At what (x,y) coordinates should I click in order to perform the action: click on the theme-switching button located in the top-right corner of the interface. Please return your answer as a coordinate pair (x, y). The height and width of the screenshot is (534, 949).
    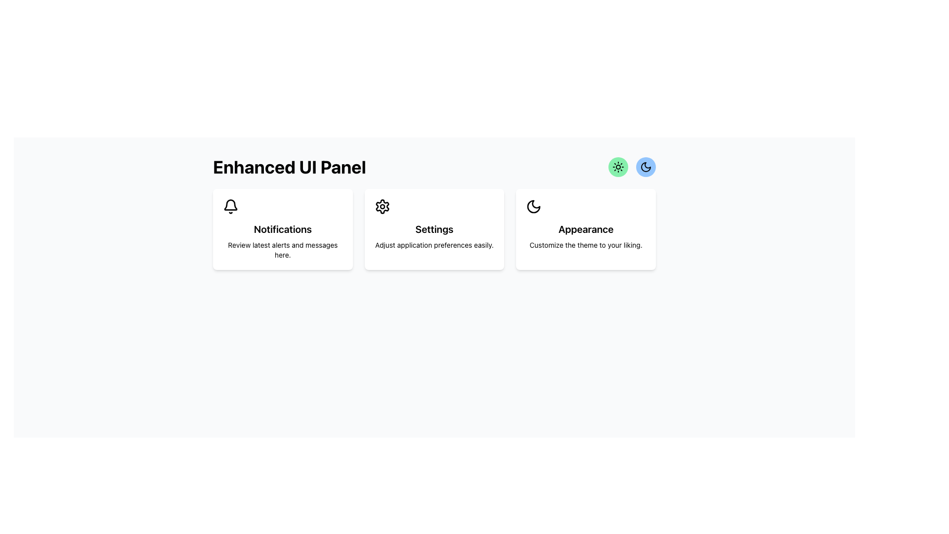
    Looking at the image, I should click on (618, 167).